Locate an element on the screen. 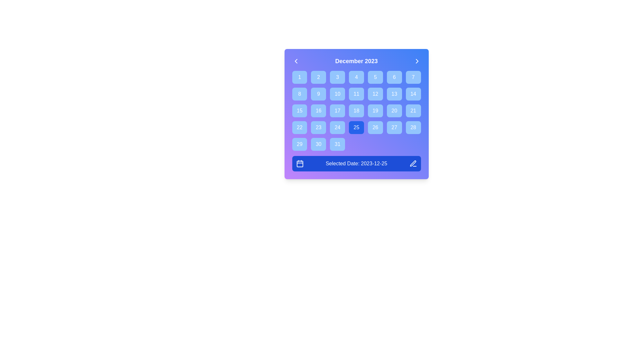 This screenshot has height=348, width=618. the rounded rectangular blue button with the white number '29' centered within it is located at coordinates (299, 144).